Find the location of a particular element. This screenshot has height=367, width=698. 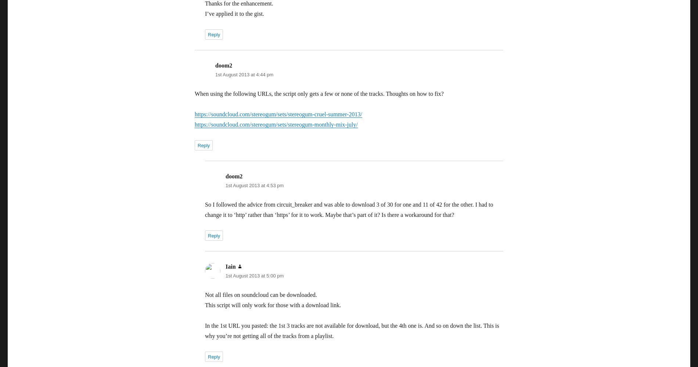

'https://soundcloud.com/stereogum/sets/stereogum-cruel-summer-2013/' is located at coordinates (278, 114).